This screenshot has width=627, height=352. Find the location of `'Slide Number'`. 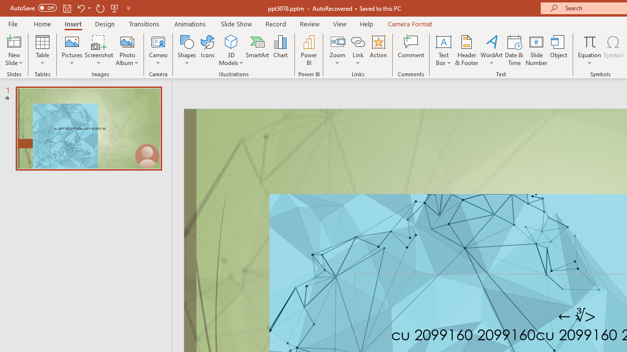

'Slide Number' is located at coordinates (536, 50).